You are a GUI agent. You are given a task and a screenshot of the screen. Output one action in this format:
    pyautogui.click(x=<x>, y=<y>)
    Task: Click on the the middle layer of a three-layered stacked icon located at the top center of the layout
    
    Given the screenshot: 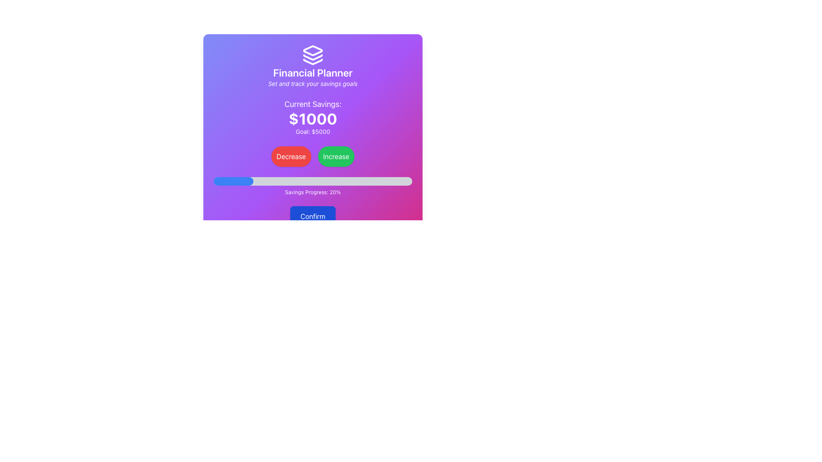 What is the action you would take?
    pyautogui.click(x=312, y=57)
    